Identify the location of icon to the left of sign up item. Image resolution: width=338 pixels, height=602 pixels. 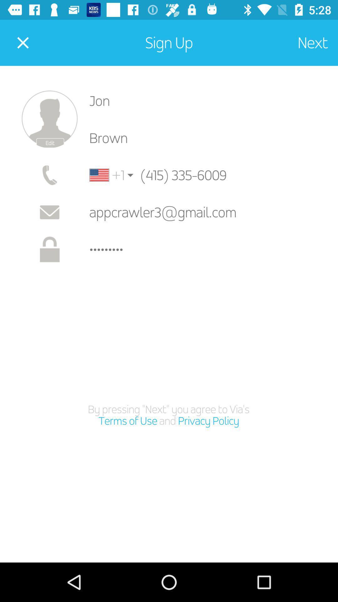
(23, 42).